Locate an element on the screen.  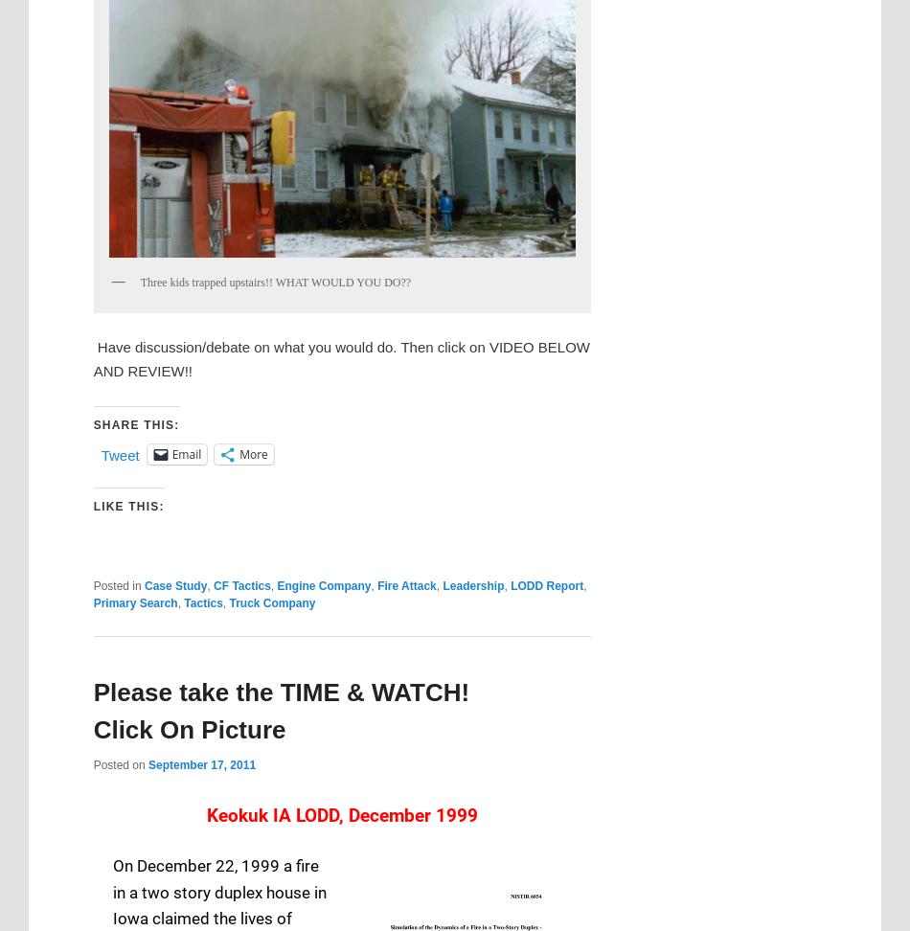
'Leadership' is located at coordinates (473, 585).